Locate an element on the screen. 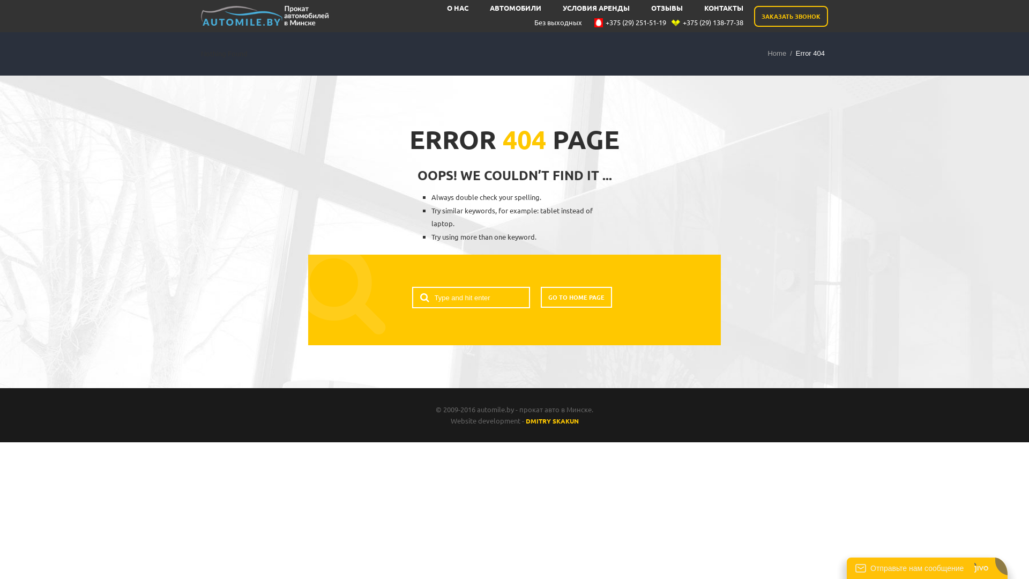  'DMITRY SKAKUN' is located at coordinates (551, 420).